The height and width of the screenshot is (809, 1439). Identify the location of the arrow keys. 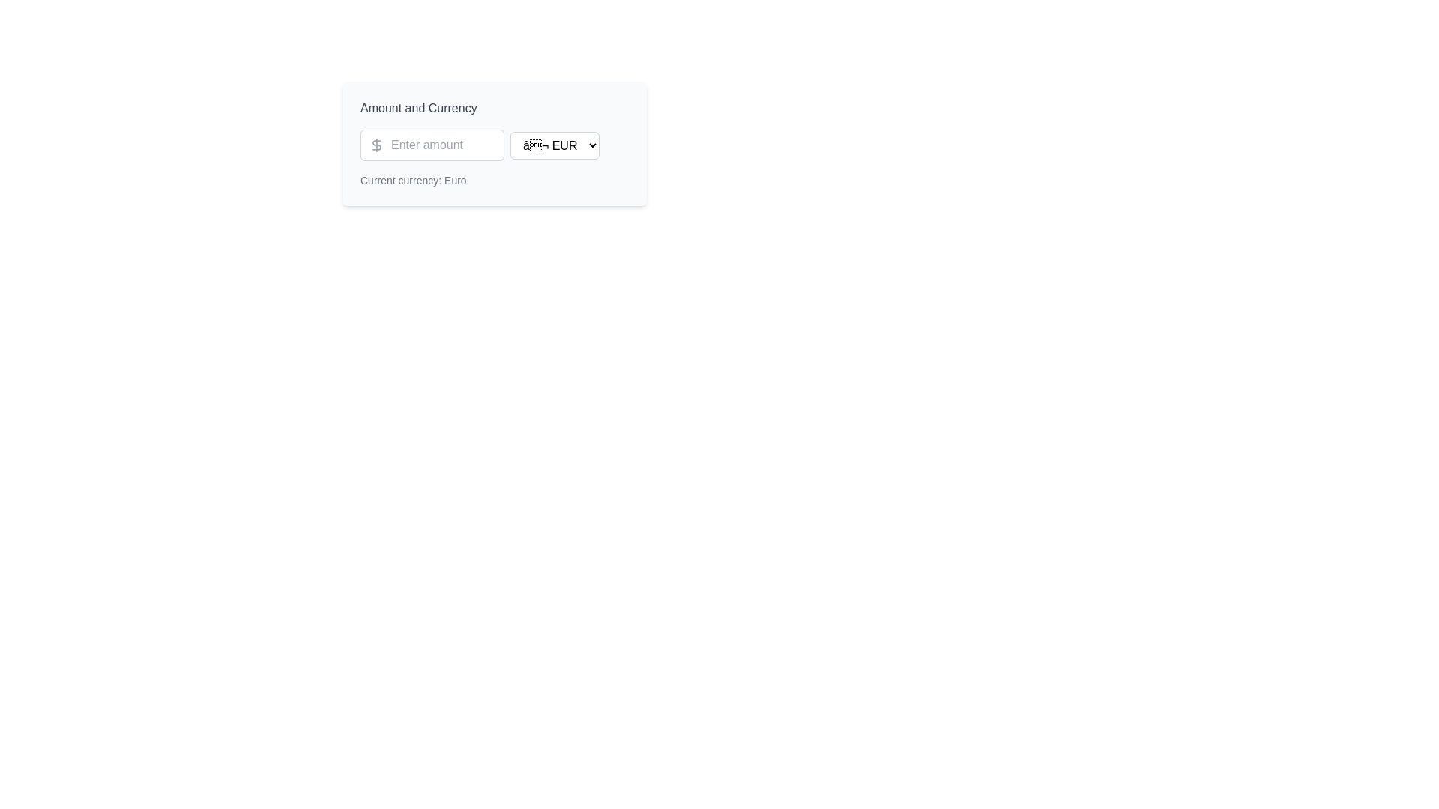
(431, 145).